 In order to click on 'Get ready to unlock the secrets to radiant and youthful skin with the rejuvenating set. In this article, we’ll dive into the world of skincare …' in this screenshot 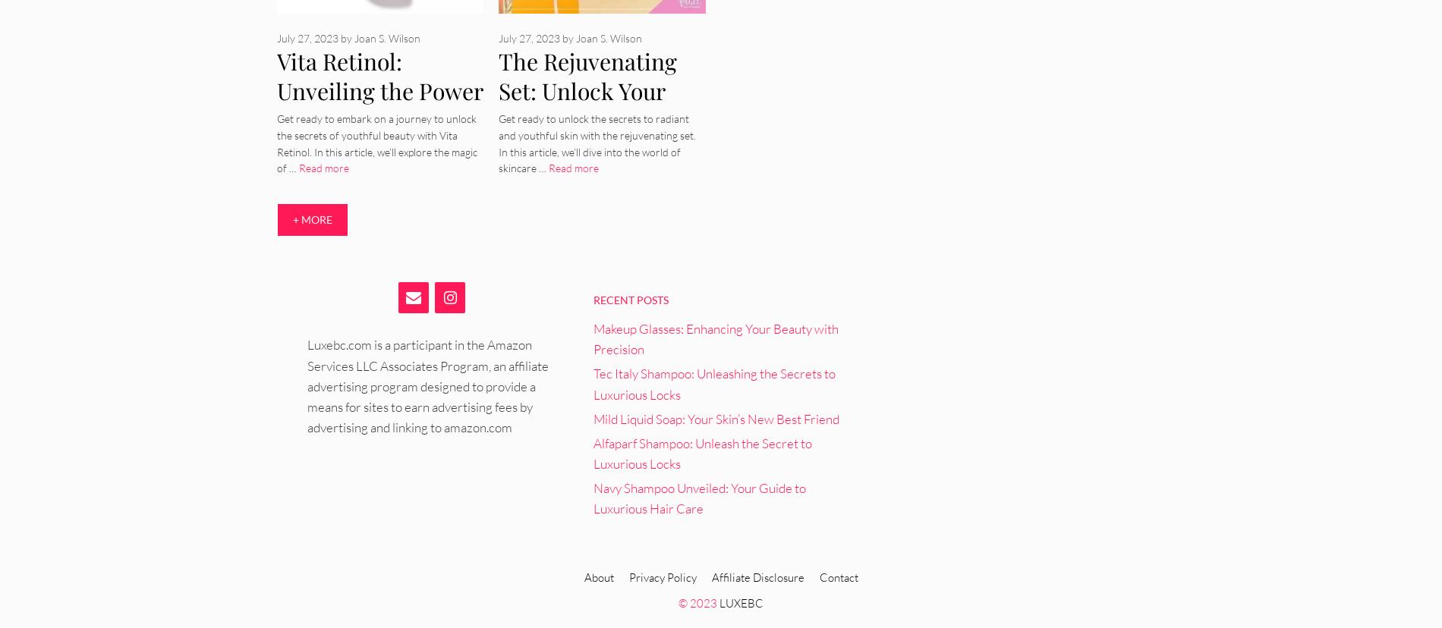, I will do `click(596, 143)`.